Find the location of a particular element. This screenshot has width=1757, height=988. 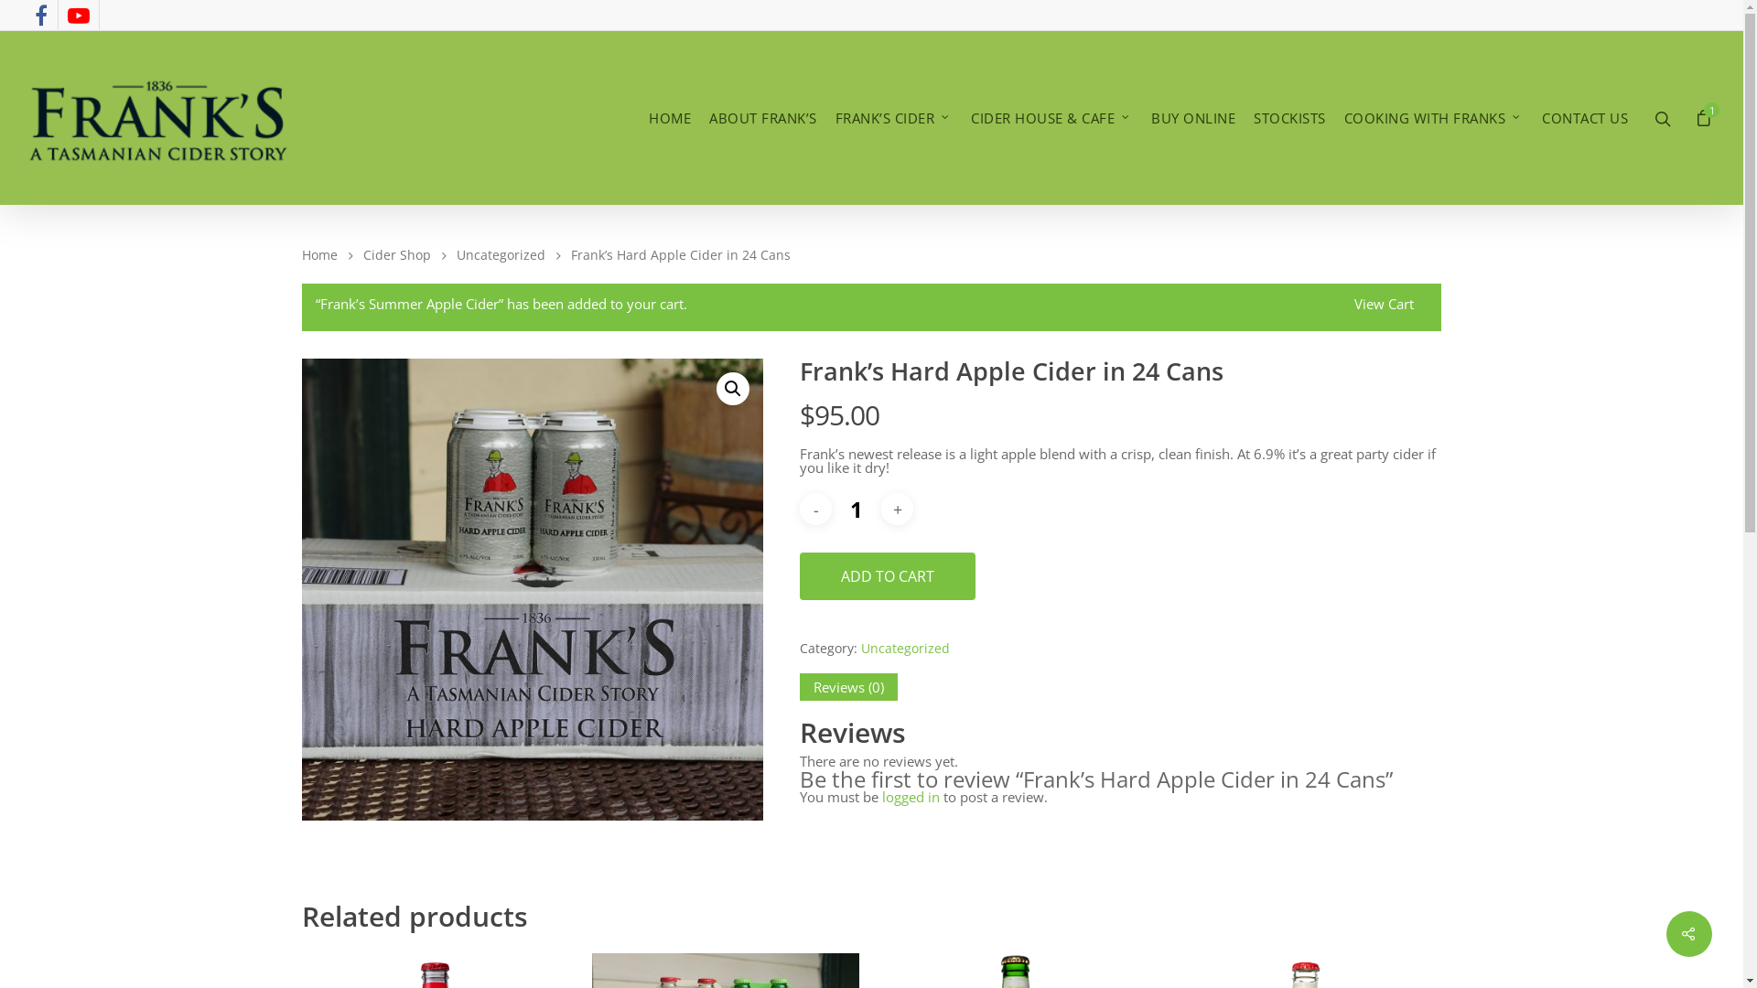

'CONTACT US' is located at coordinates (1584, 118).